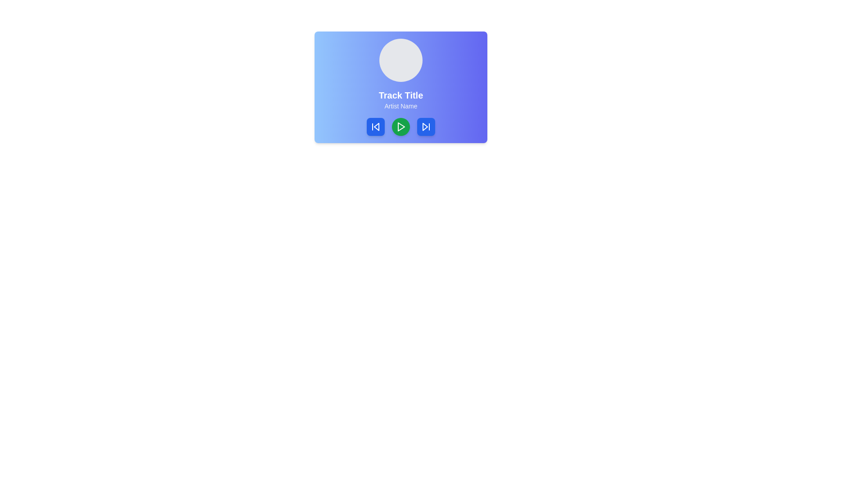 The height and width of the screenshot is (486, 864). What do you see at coordinates (425, 126) in the screenshot?
I see `the blue rectangular button with rounded corners that contains a 'skip forward' icon` at bounding box center [425, 126].